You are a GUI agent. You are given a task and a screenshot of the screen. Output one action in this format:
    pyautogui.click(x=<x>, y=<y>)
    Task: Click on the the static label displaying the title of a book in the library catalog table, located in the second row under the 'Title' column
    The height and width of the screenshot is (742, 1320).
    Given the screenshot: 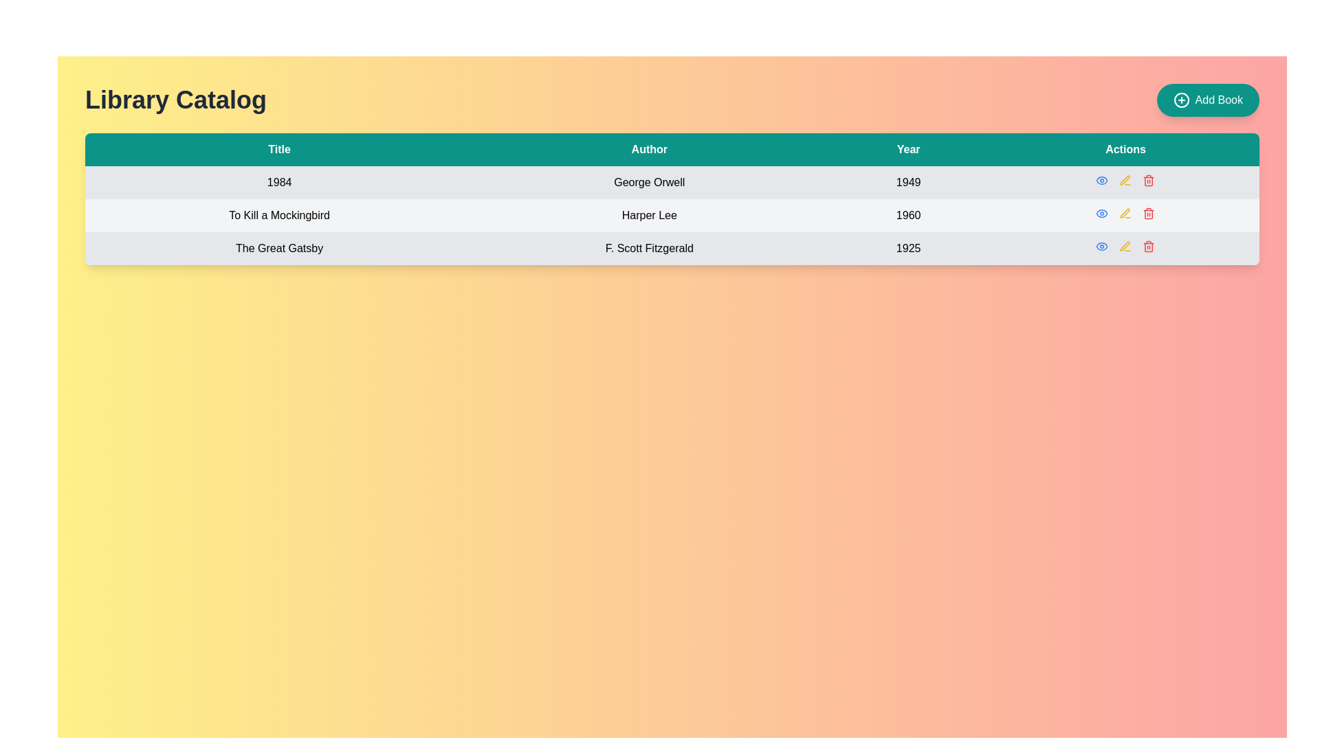 What is the action you would take?
    pyautogui.click(x=278, y=215)
    